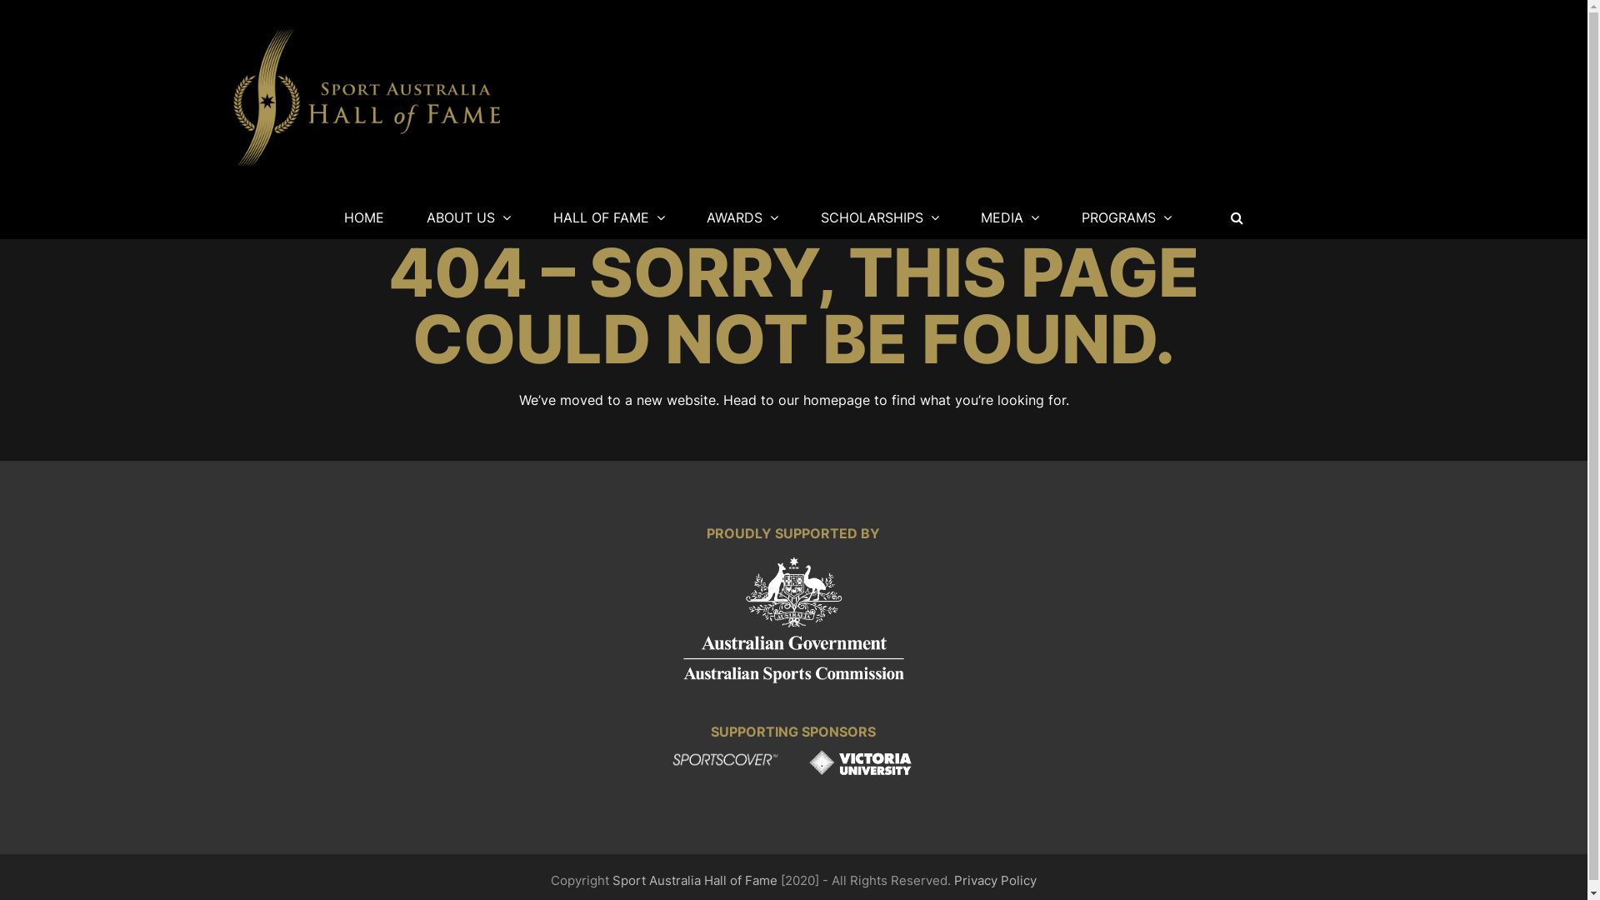  I want to click on 'Privacy Policy', so click(954, 879).